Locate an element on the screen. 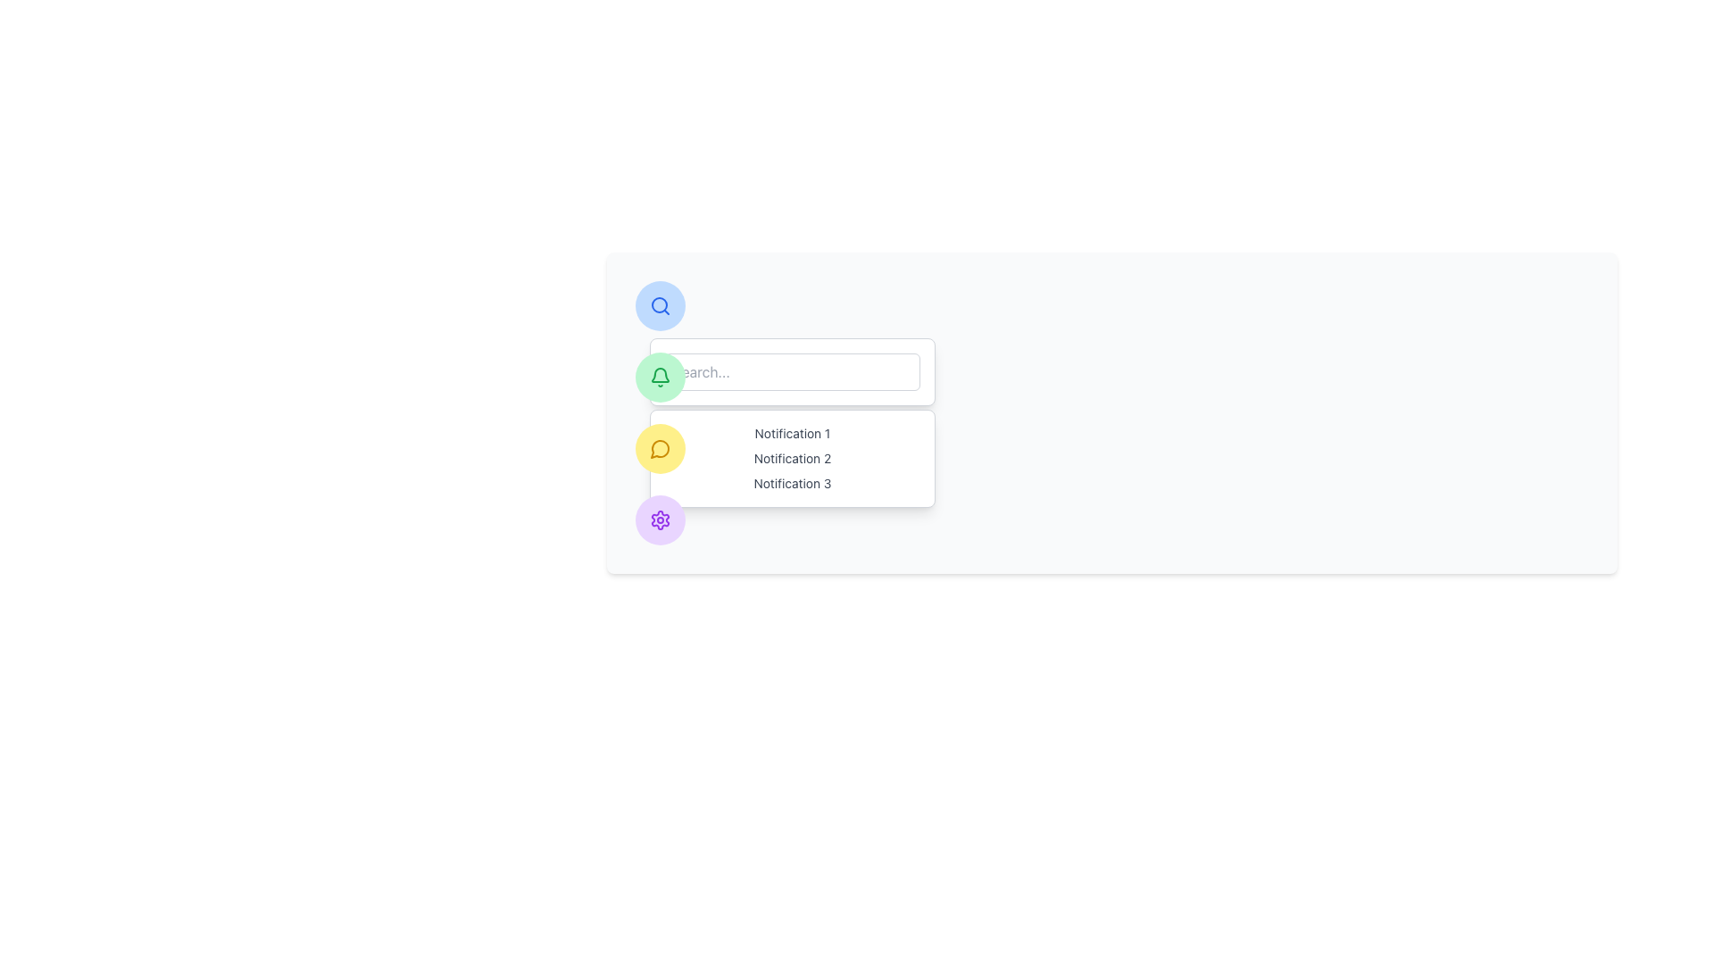 The image size is (1714, 964). the third button in a vertical stack of four buttons, located below the green bell-shaped button and above the purple gear icon button, to observe its hover effect is located at coordinates (659, 447).